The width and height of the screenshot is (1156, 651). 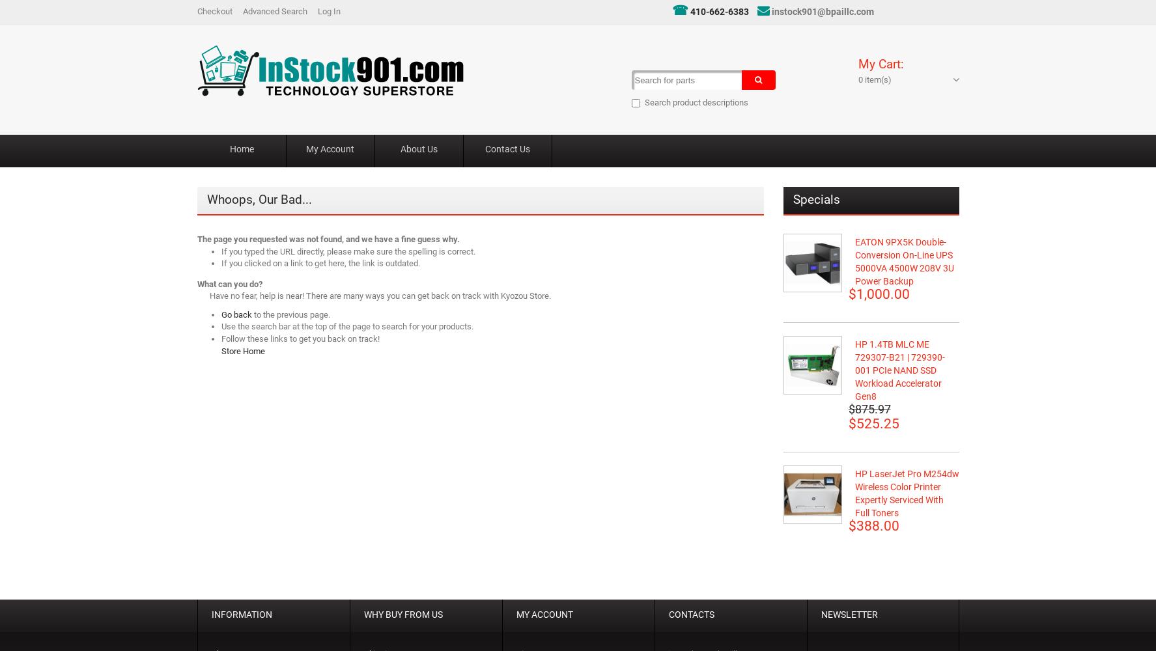 I want to click on 'CONTACTS', so click(x=690, y=614).